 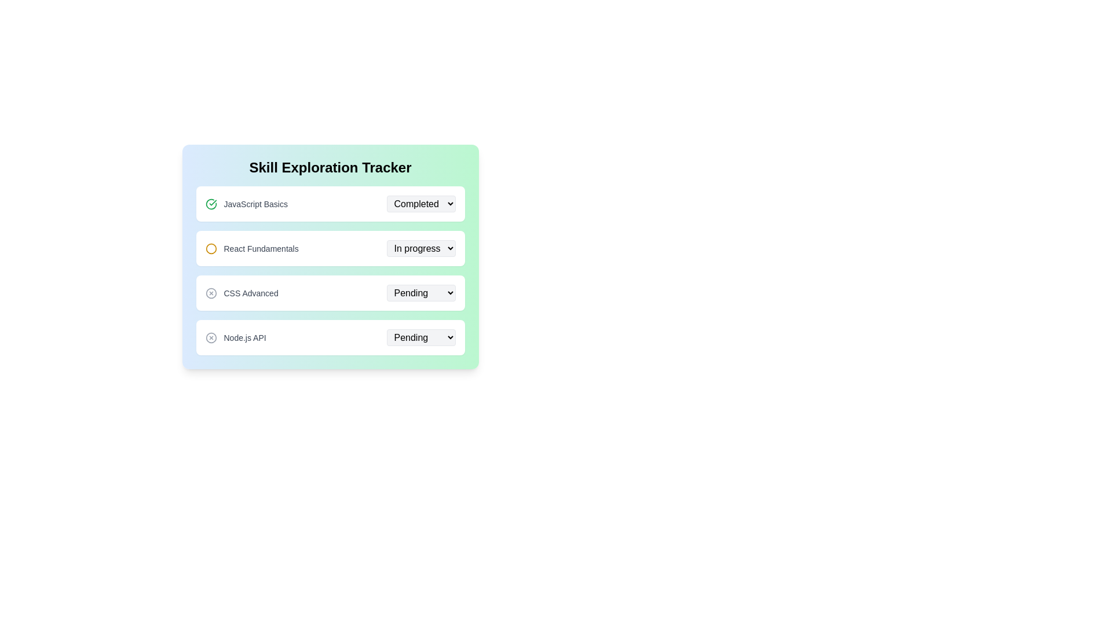 What do you see at coordinates (211, 337) in the screenshot?
I see `the circular icon with a medium-gray border and a diagonal cross, located to the left of the text 'Node.js API' in the fourth row of the 'Skill Exploration Tracker' interface` at bounding box center [211, 337].